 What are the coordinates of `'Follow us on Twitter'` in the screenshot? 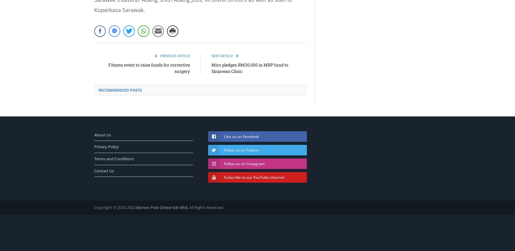 It's located at (241, 149).